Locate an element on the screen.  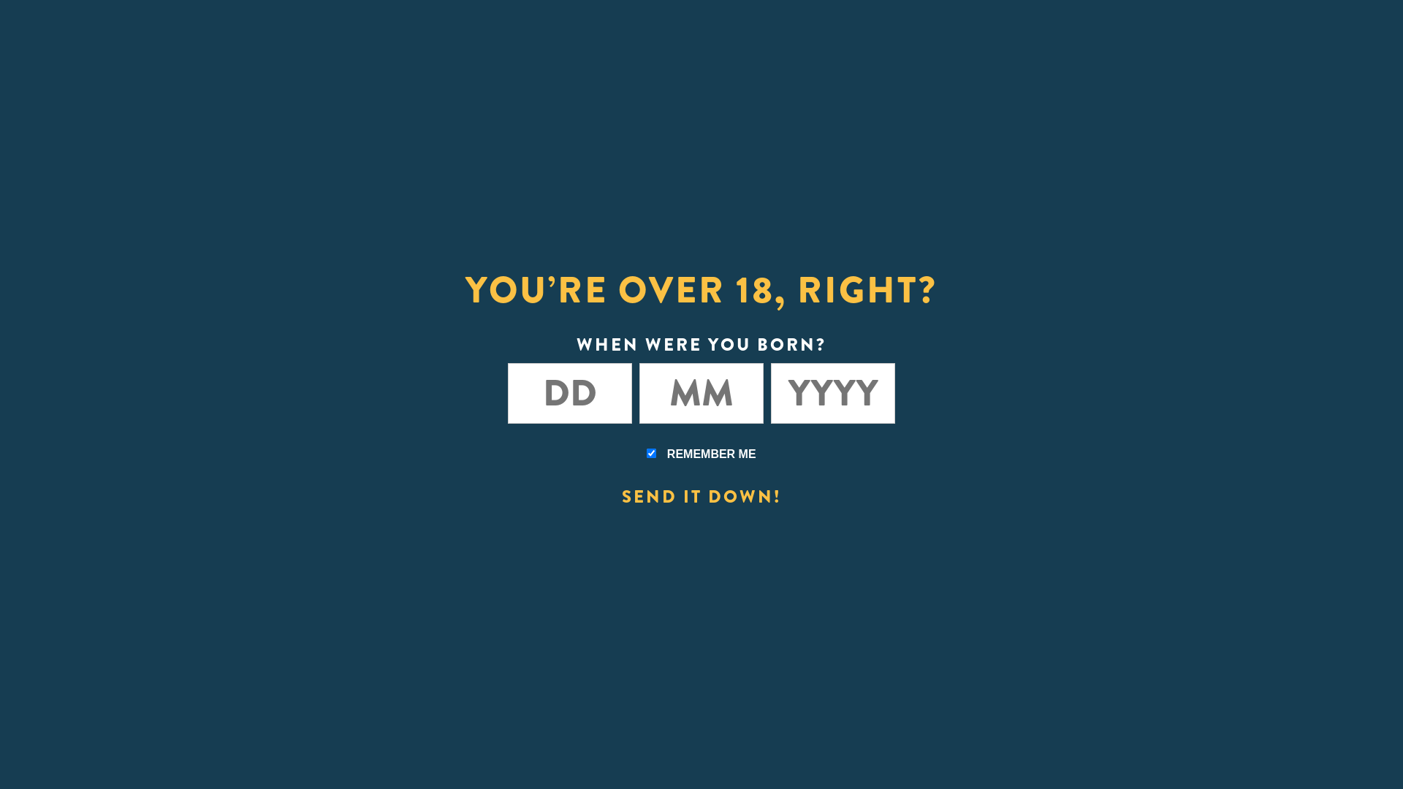
'Send it down!' is located at coordinates (700, 495).